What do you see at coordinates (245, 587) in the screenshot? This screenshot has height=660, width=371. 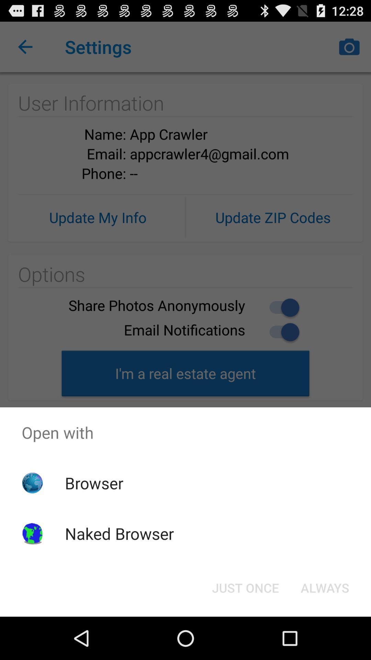 I see `item below open with item` at bounding box center [245, 587].